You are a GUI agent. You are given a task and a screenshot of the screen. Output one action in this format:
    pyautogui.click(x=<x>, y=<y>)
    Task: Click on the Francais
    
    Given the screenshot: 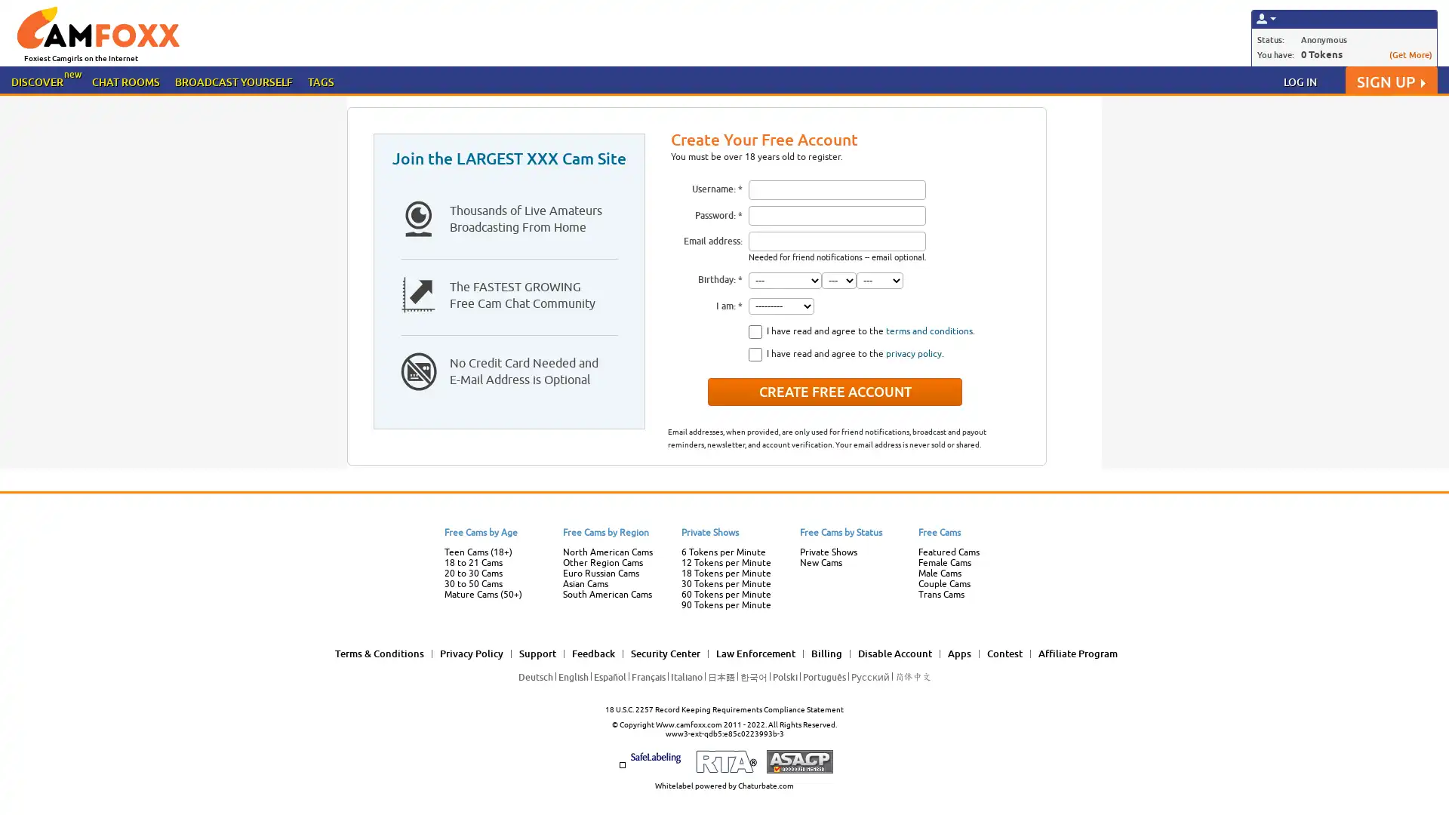 What is the action you would take?
    pyautogui.click(x=648, y=677)
    